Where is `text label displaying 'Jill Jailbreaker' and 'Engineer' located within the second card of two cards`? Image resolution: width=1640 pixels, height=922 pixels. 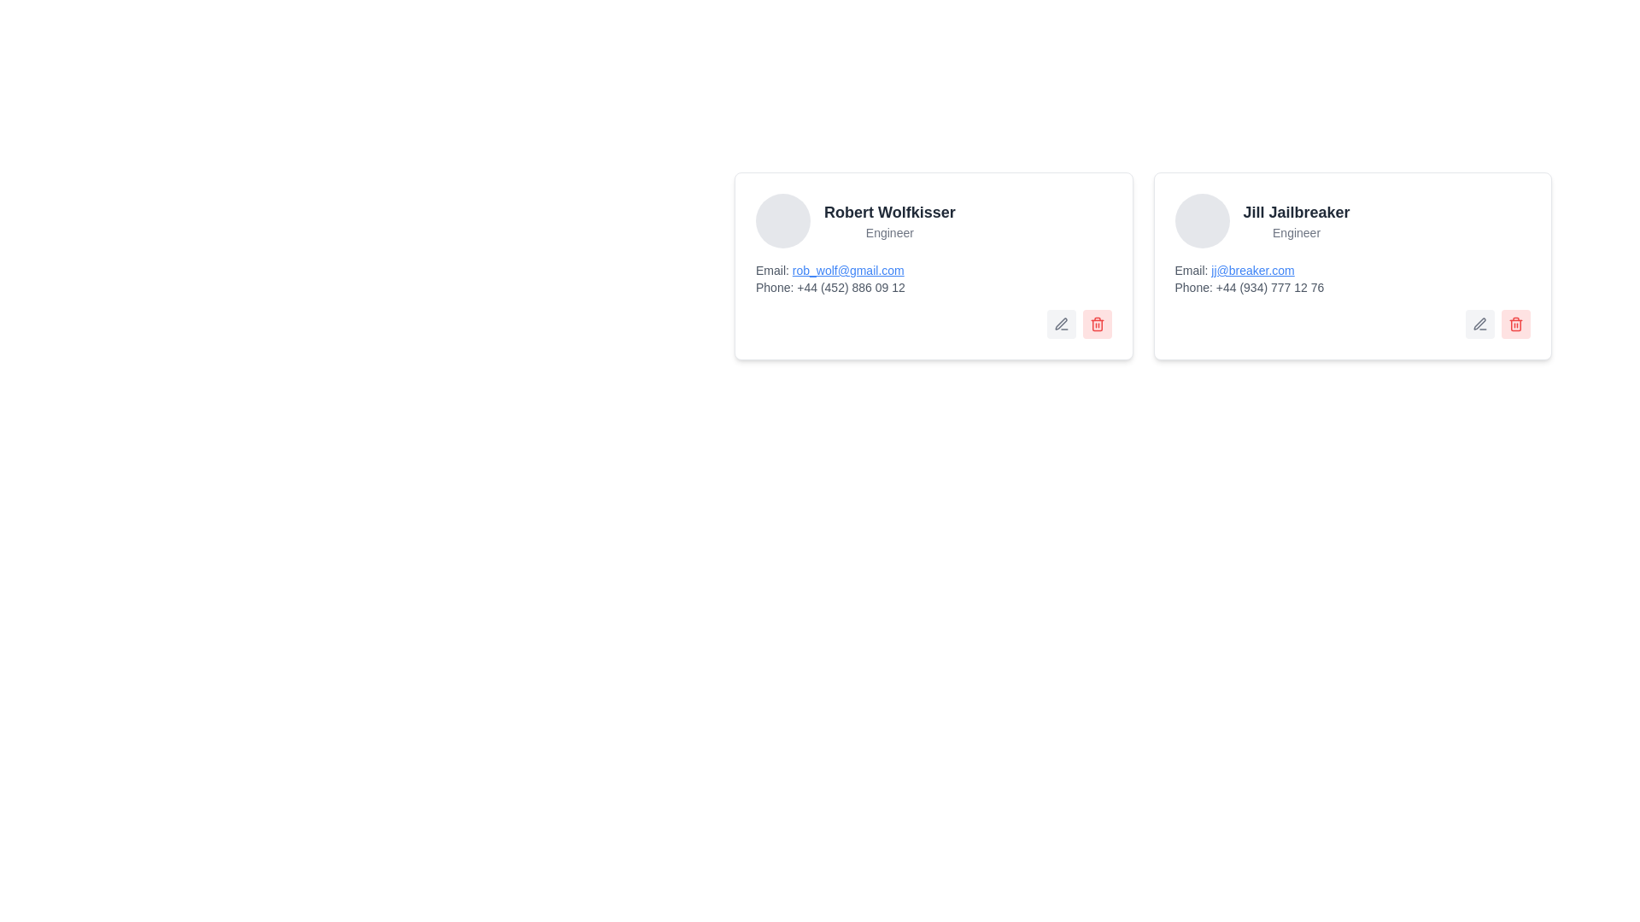
text label displaying 'Jill Jailbreaker' and 'Engineer' located within the second card of two cards is located at coordinates (1297, 219).